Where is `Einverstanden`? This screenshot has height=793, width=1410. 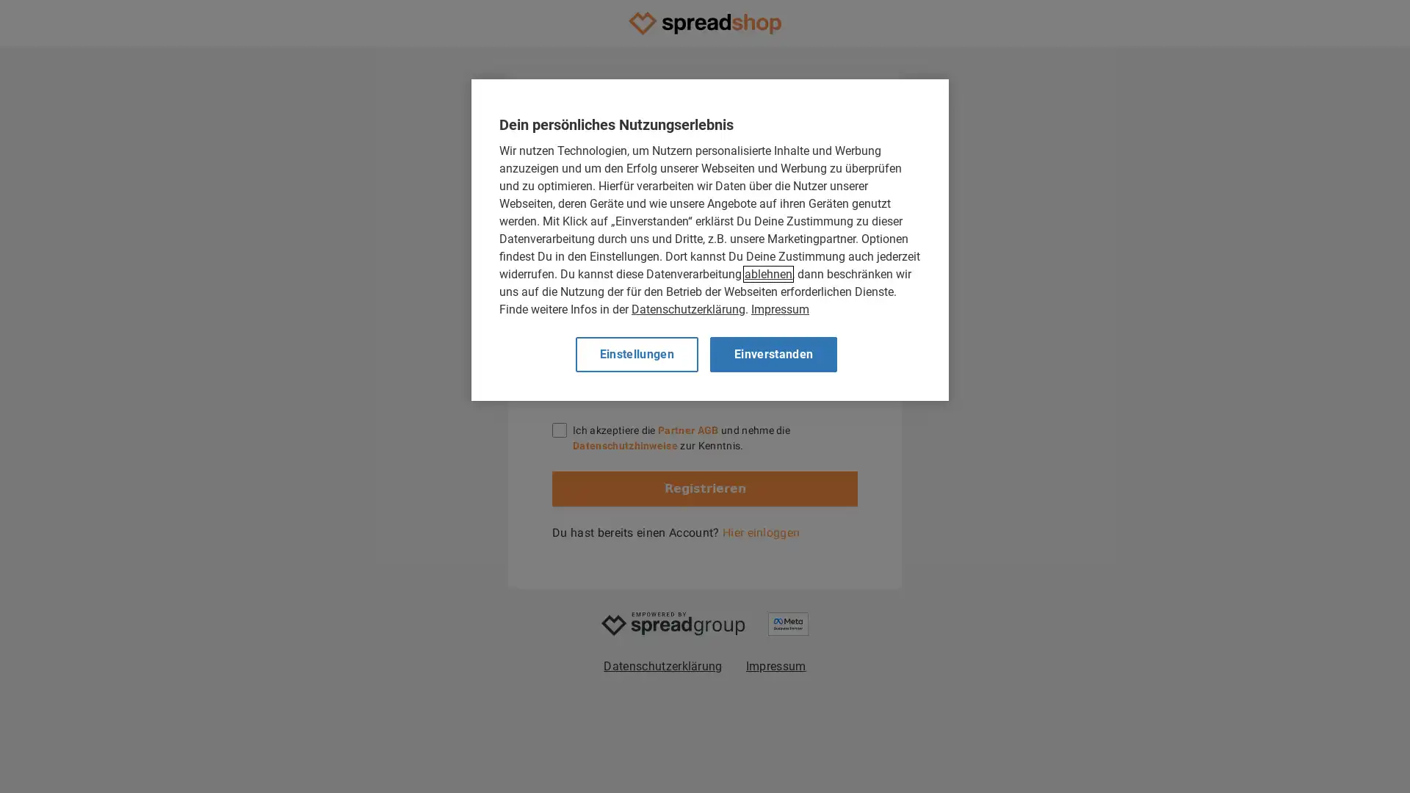 Einverstanden is located at coordinates (773, 354).